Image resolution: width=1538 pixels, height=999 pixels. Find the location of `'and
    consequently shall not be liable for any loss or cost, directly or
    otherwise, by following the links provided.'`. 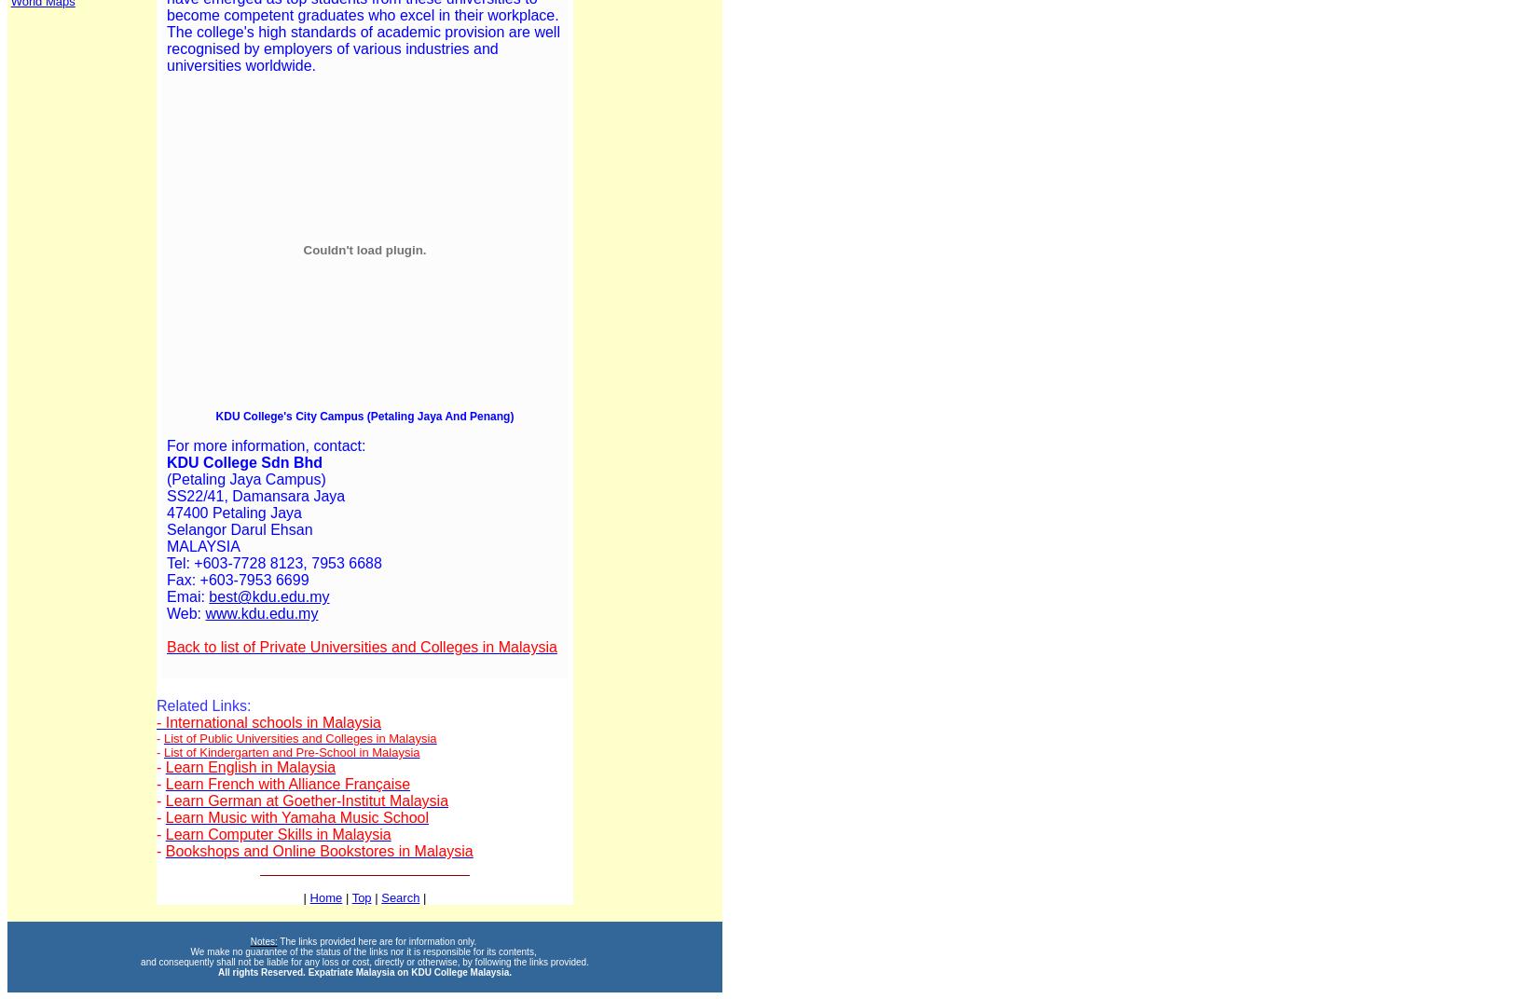

'and
    consequently shall not be liable for any loss or cost, directly or
    otherwise, by following the links provided.' is located at coordinates (364, 962).